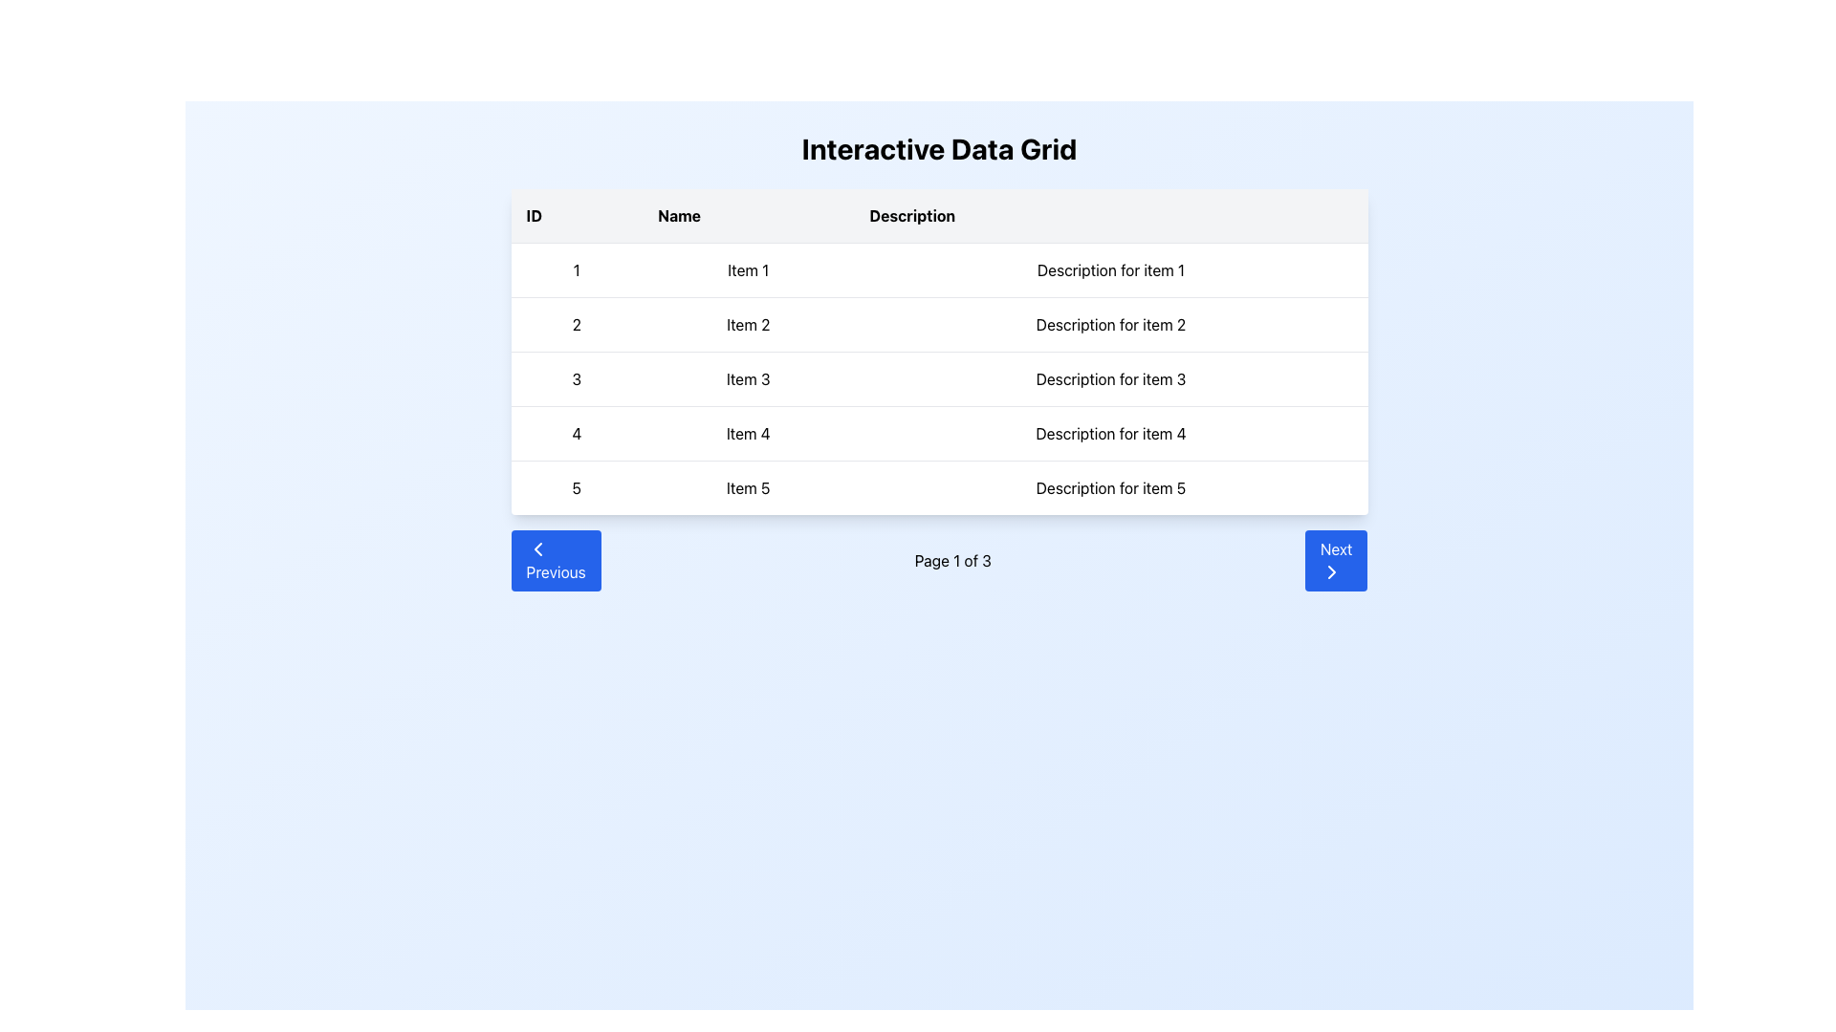 The width and height of the screenshot is (1836, 1032). I want to click on the static text field displaying 'Description for item 1' located in the first row under the 'Description' column of the grid, so click(1110, 269).